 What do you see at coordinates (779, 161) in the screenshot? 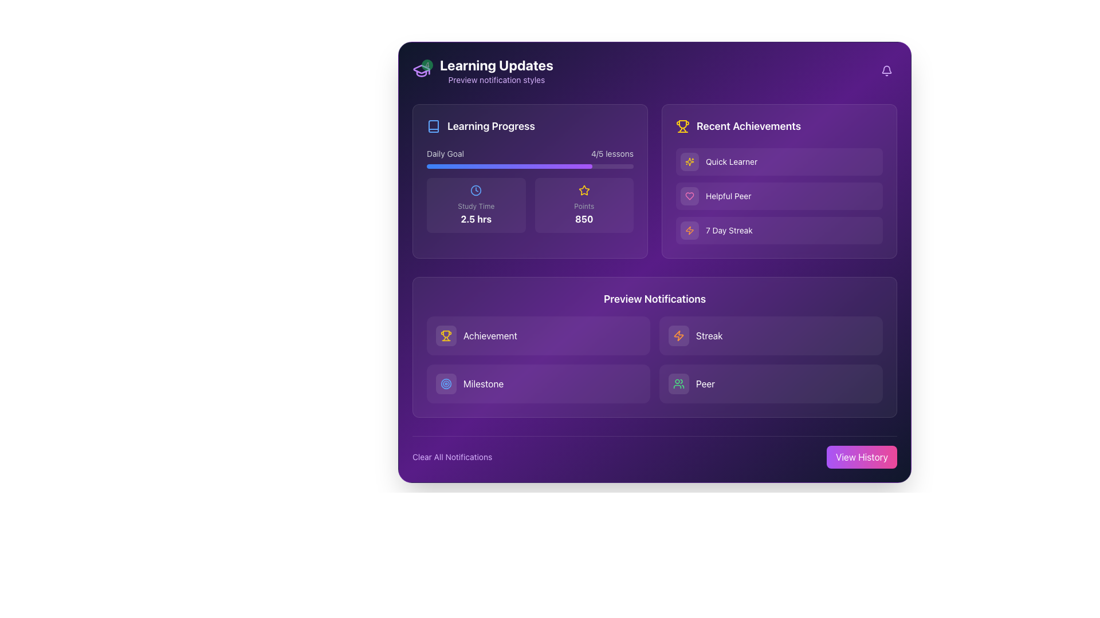
I see `the content of the first Display card in the 'Recent Achievements' section, which has a purple background and displays the text 'Quick Learner.'` at bounding box center [779, 161].